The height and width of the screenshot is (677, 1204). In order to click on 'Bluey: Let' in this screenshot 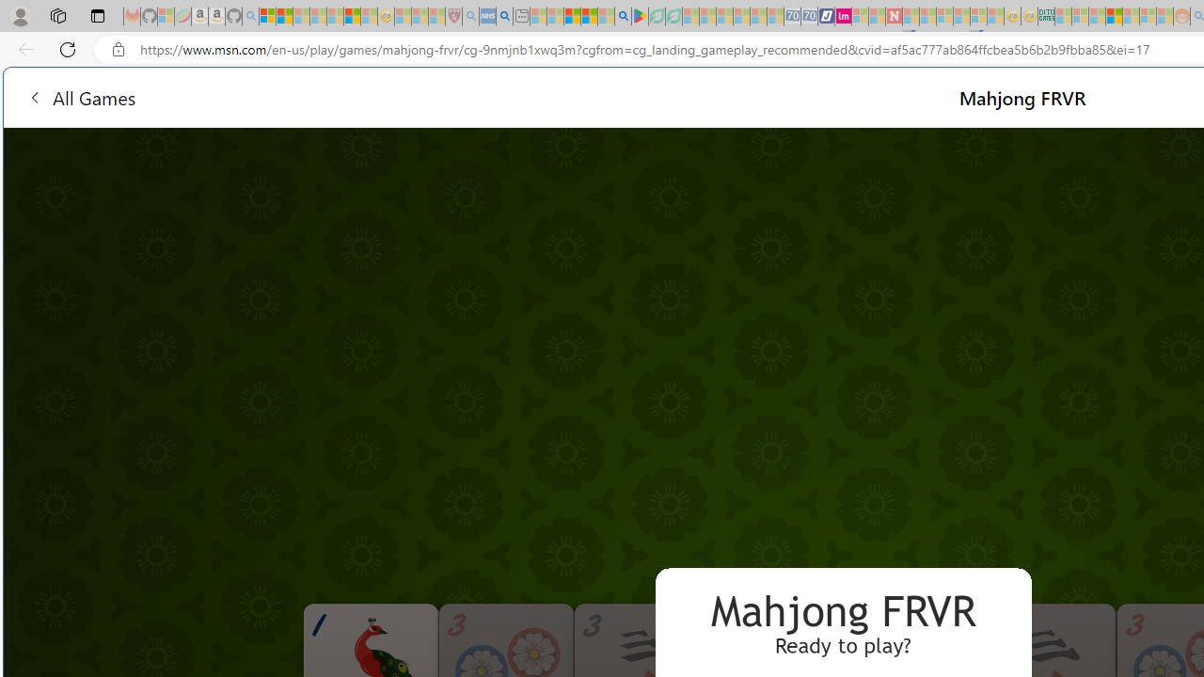, I will do `click(640, 16)`.